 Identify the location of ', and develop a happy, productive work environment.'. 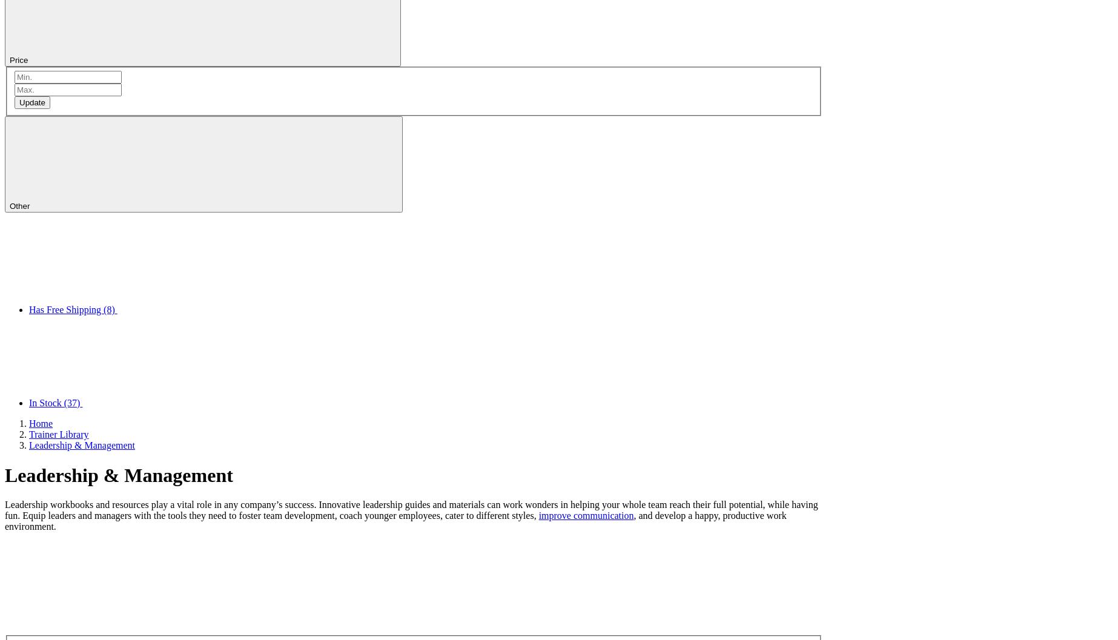
(394, 520).